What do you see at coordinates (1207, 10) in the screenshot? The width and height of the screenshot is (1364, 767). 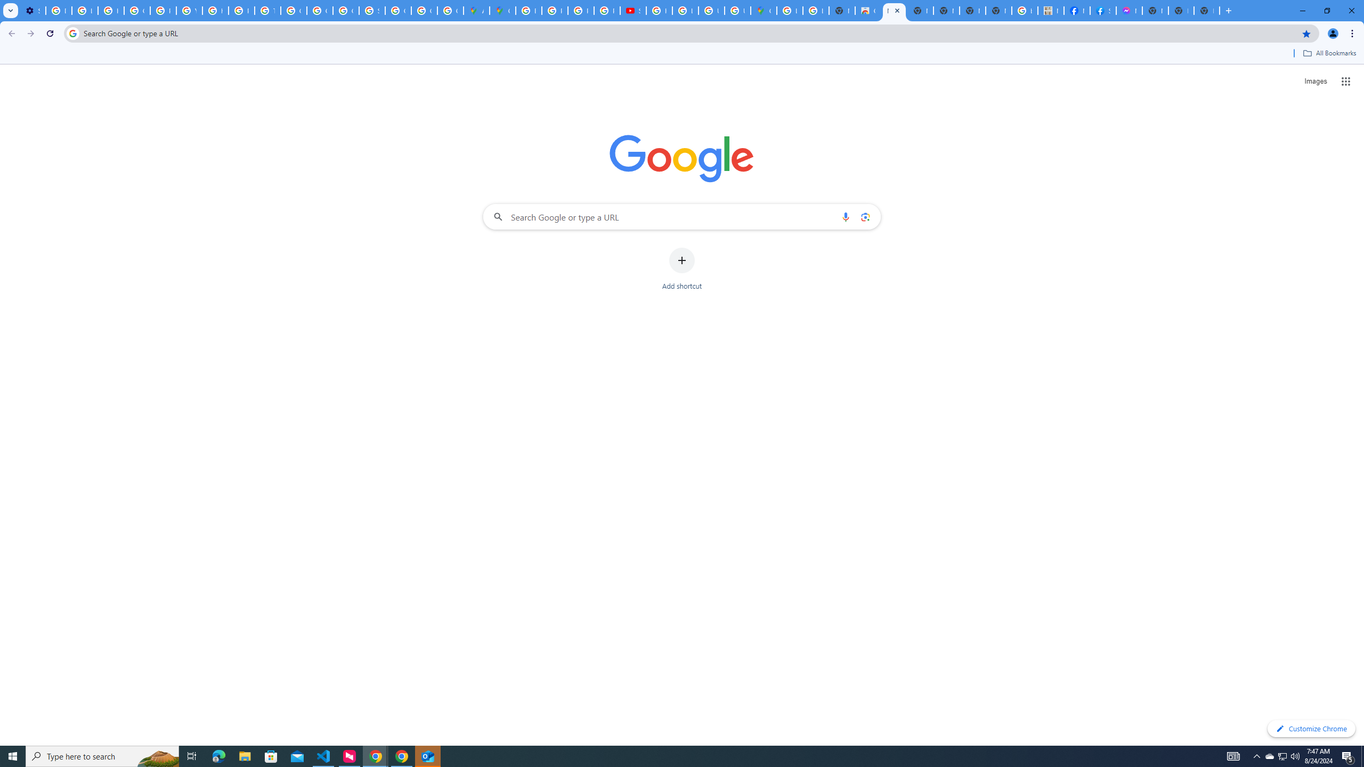 I see `'New Tab'` at bounding box center [1207, 10].